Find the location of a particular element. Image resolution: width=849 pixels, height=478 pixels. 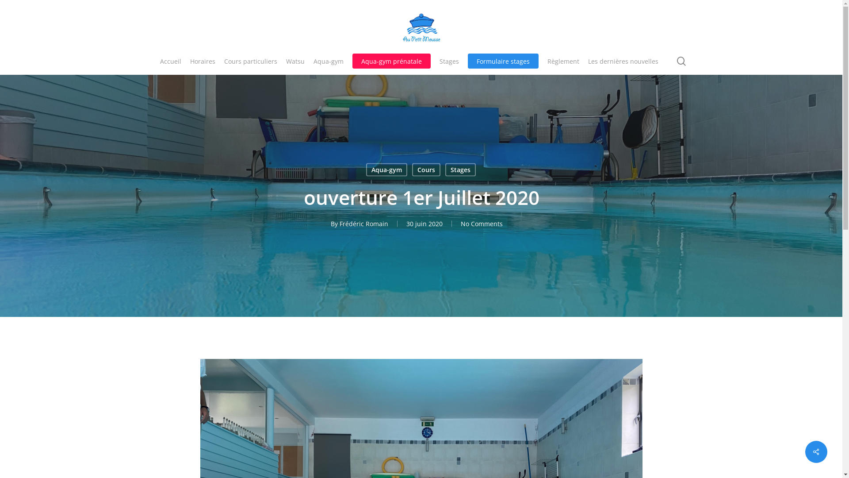

'search' is located at coordinates (681, 61).